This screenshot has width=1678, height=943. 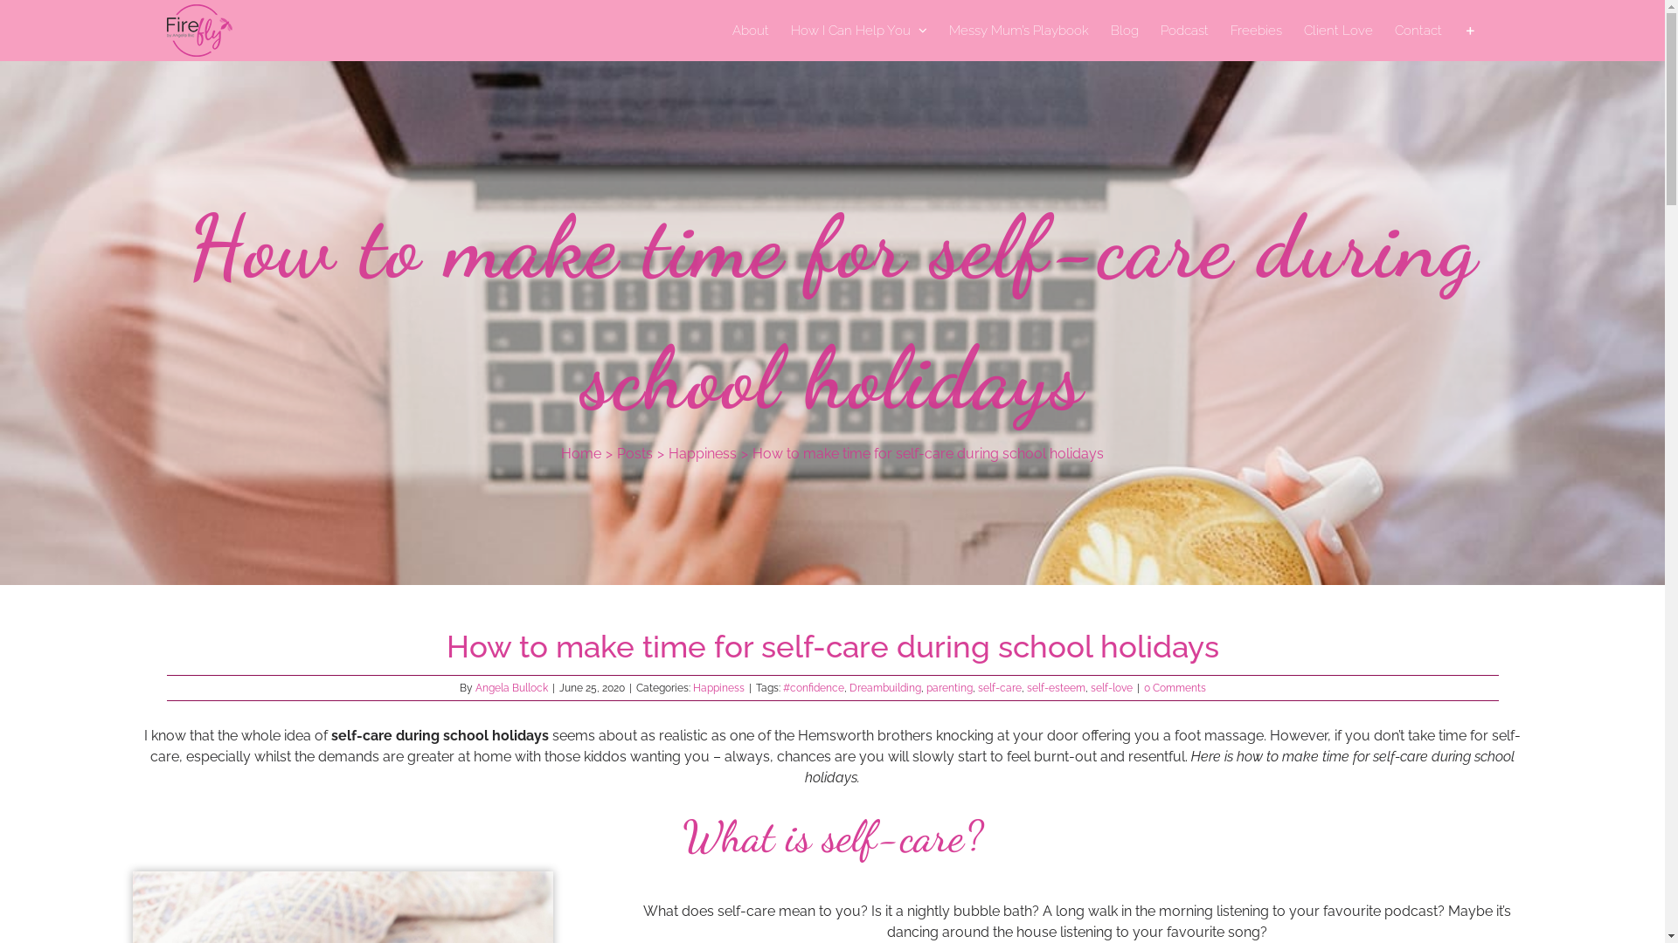 What do you see at coordinates (1304, 30) in the screenshot?
I see `'Client Love'` at bounding box center [1304, 30].